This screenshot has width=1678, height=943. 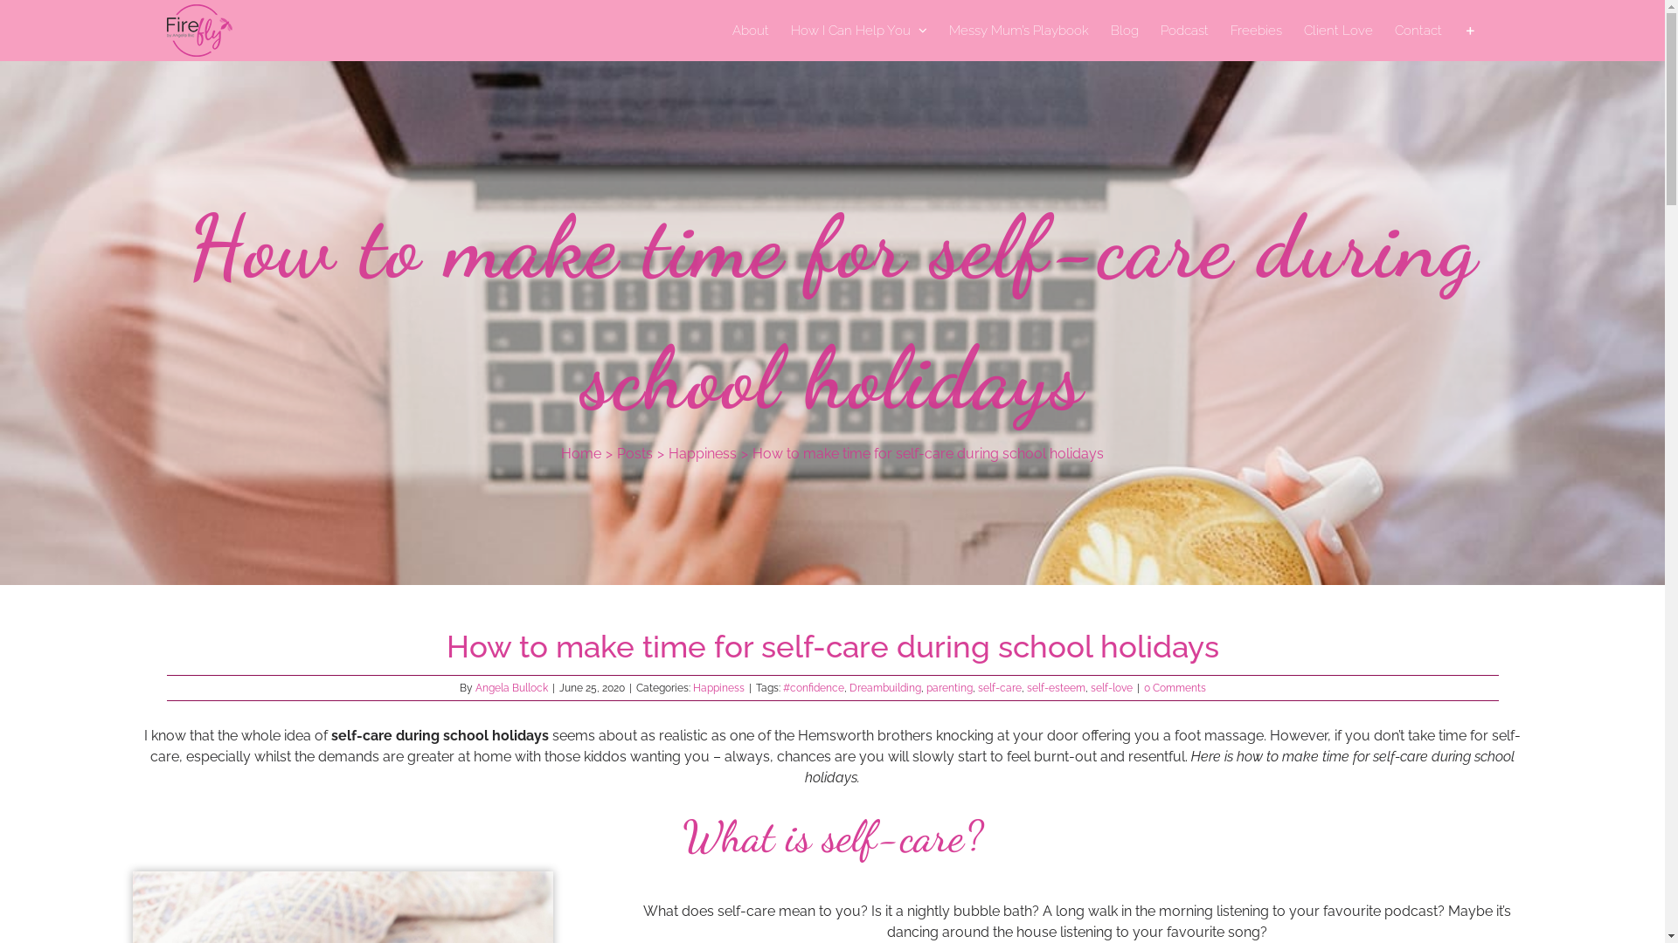 What do you see at coordinates (1304, 30) in the screenshot?
I see `'Client Love'` at bounding box center [1304, 30].